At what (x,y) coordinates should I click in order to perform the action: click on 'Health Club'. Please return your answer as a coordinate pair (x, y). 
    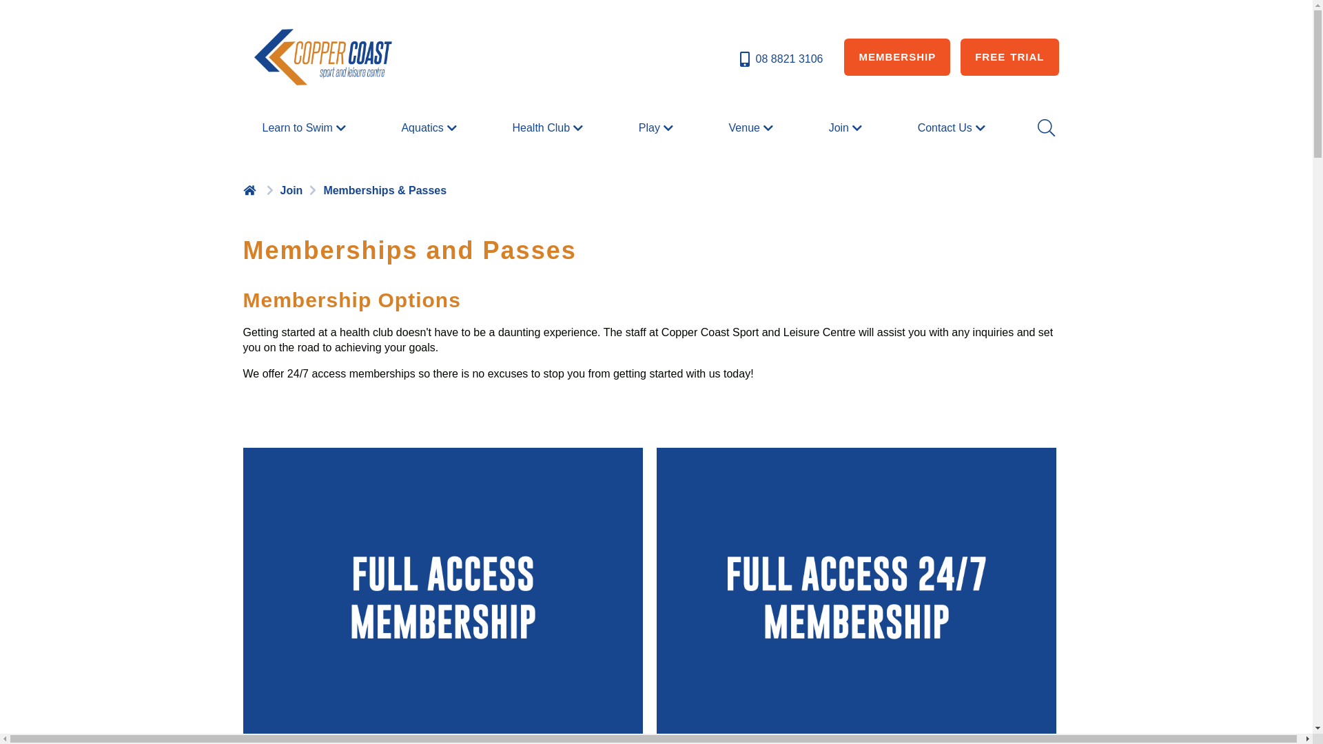
    Looking at the image, I should click on (548, 127).